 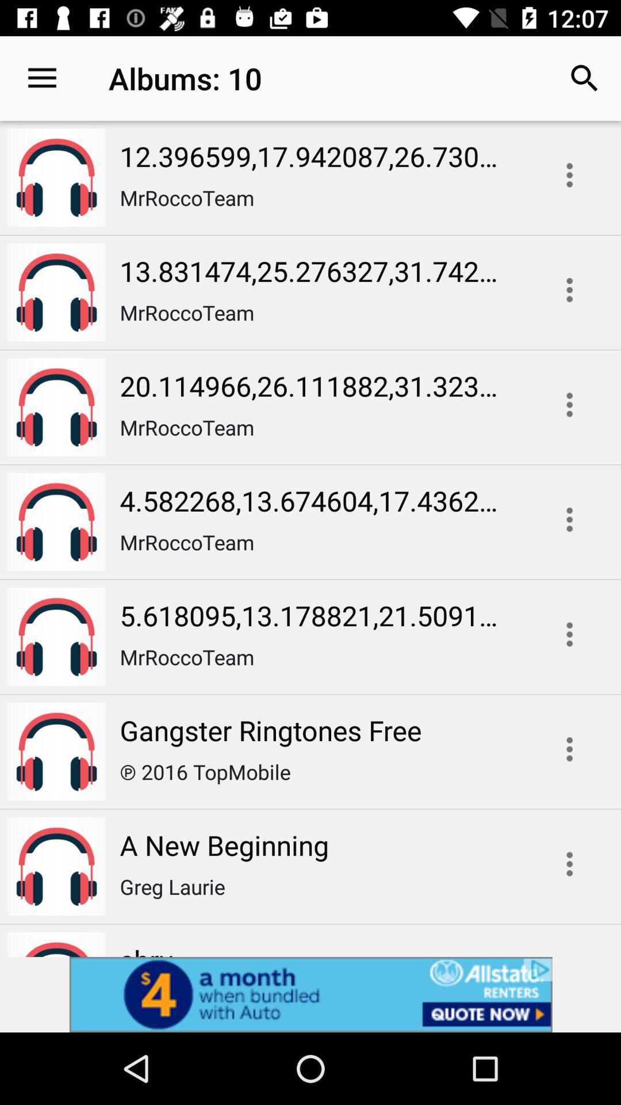 I want to click on more option, so click(x=569, y=634).